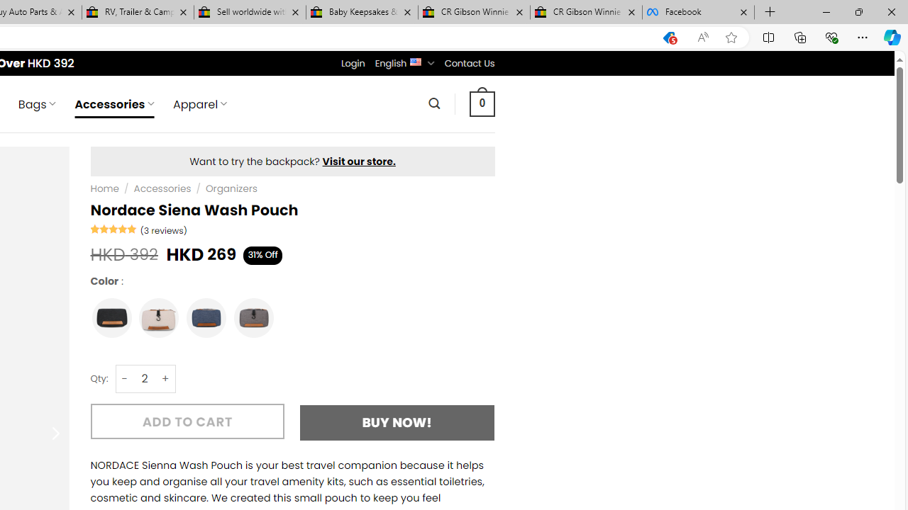 The image size is (908, 510). What do you see at coordinates (890, 11) in the screenshot?
I see `'Close'` at bounding box center [890, 11].